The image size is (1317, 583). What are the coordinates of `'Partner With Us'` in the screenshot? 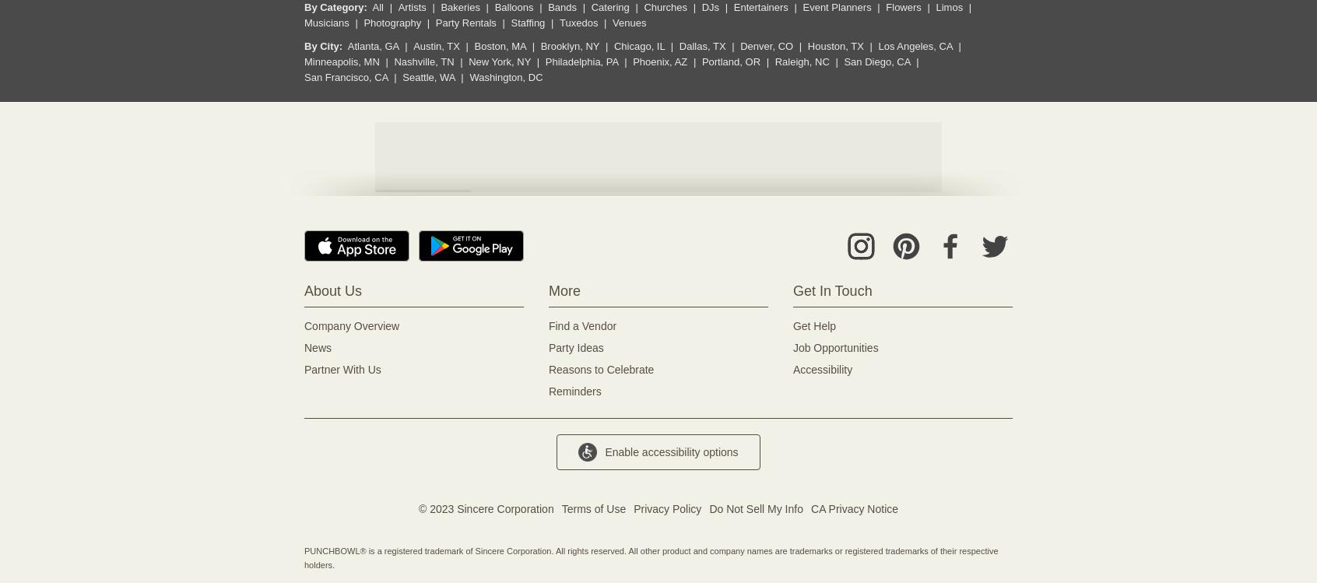 It's located at (341, 370).